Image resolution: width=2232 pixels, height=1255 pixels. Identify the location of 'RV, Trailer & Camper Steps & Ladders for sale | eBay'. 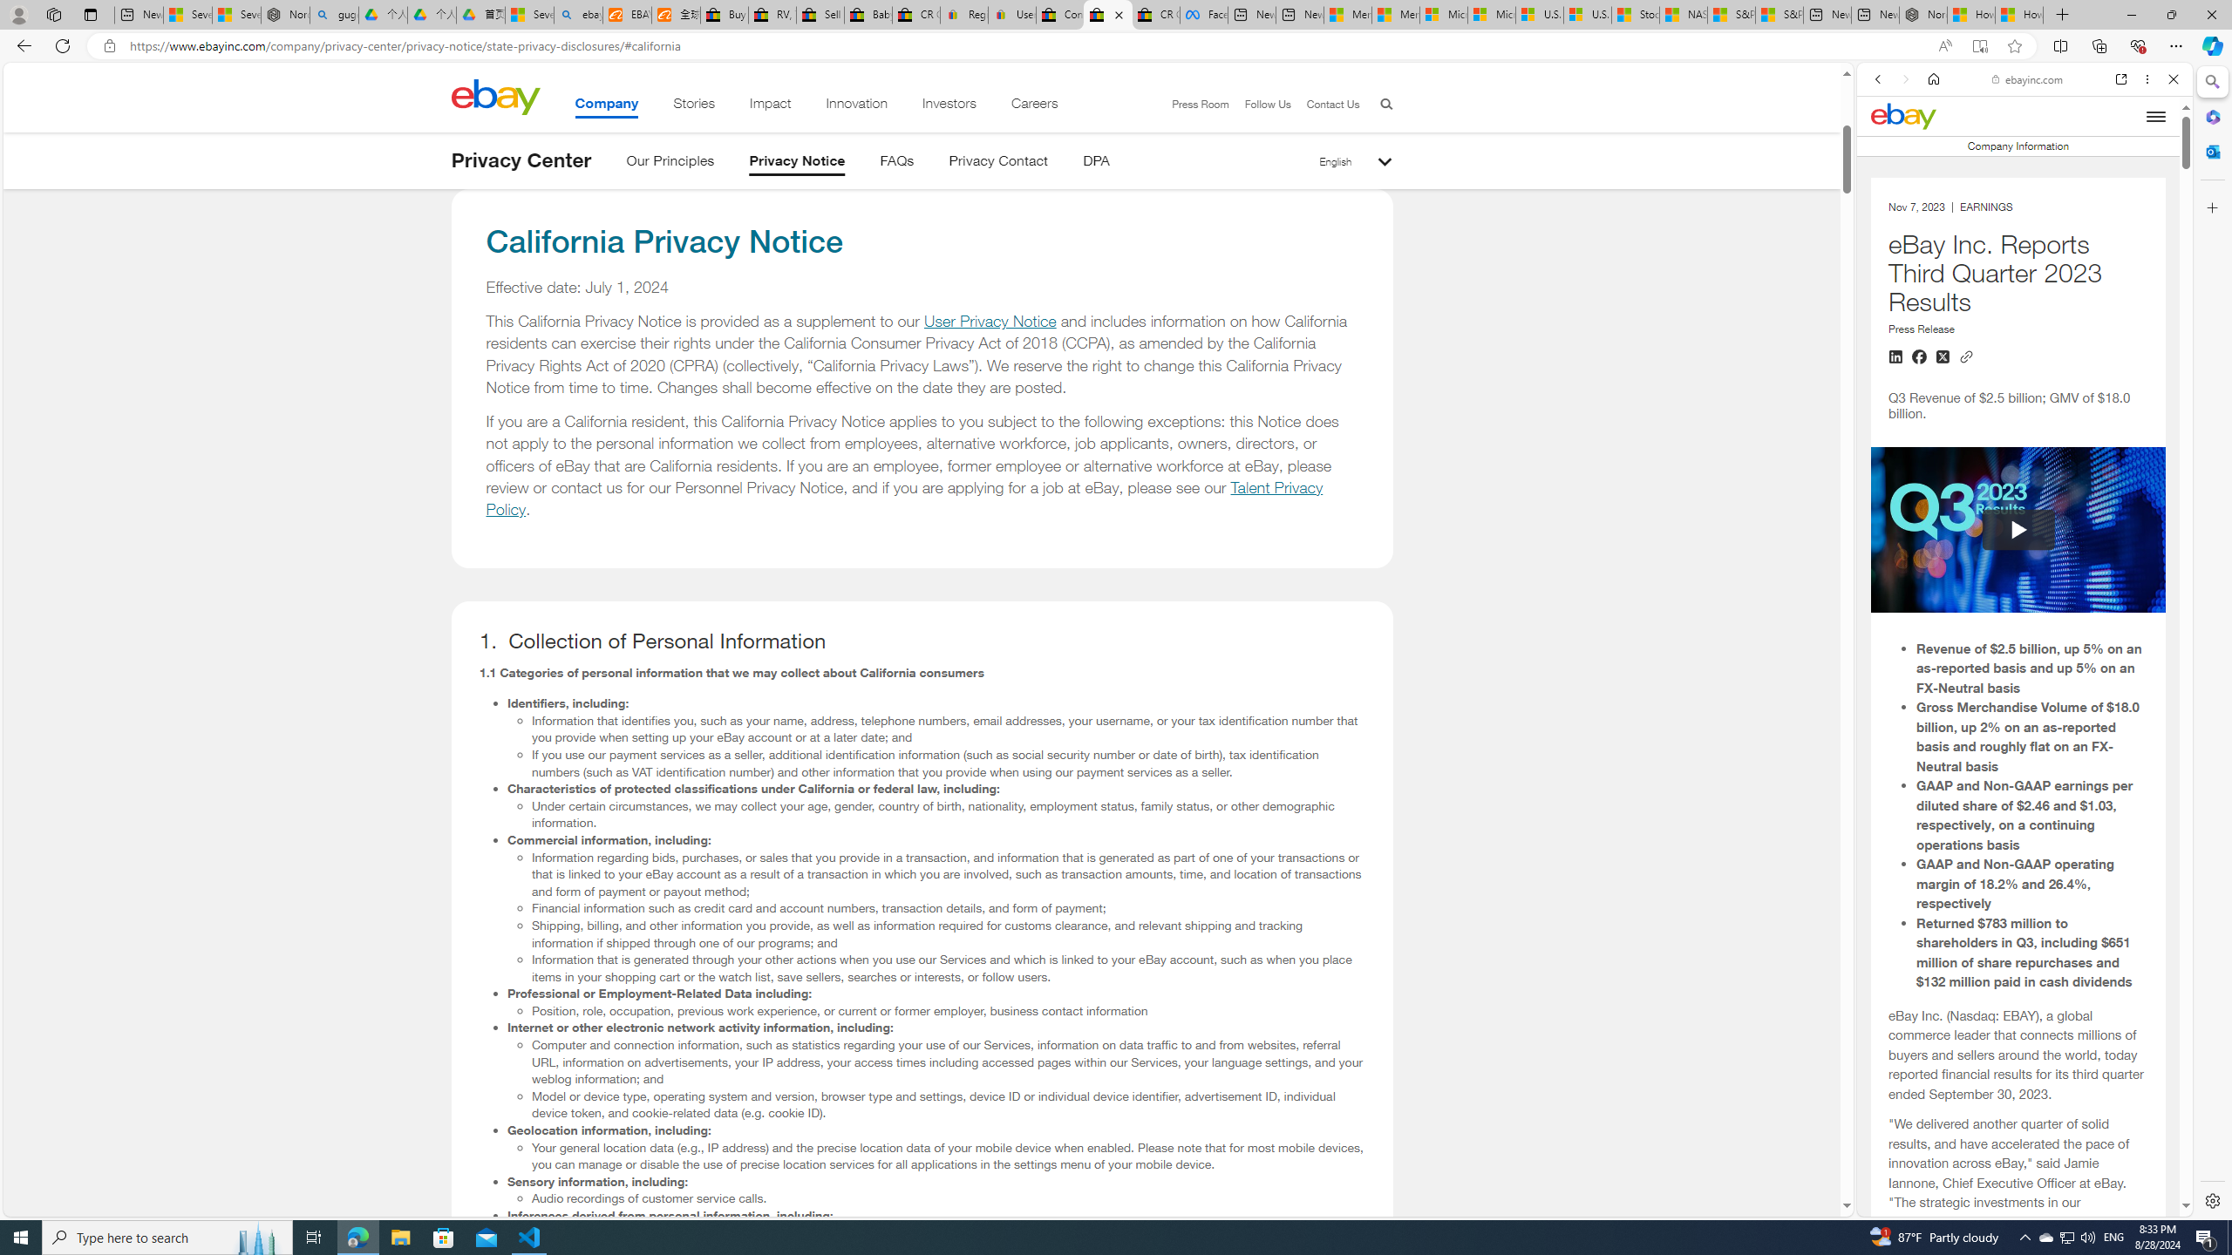
(771, 14).